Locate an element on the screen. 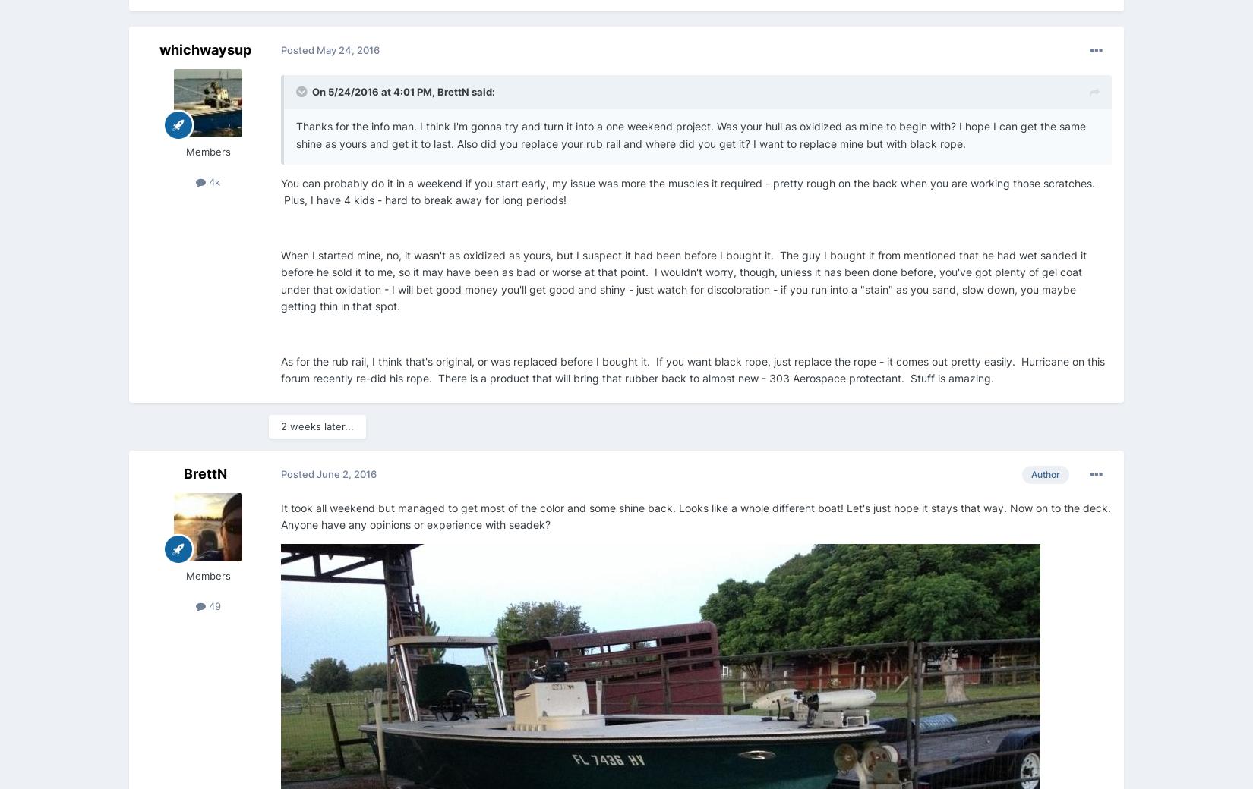  '2 weeks later...' is located at coordinates (280, 424).